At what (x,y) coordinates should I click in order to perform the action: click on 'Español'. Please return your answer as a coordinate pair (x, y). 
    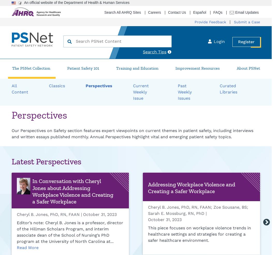
    Looking at the image, I should click on (199, 12).